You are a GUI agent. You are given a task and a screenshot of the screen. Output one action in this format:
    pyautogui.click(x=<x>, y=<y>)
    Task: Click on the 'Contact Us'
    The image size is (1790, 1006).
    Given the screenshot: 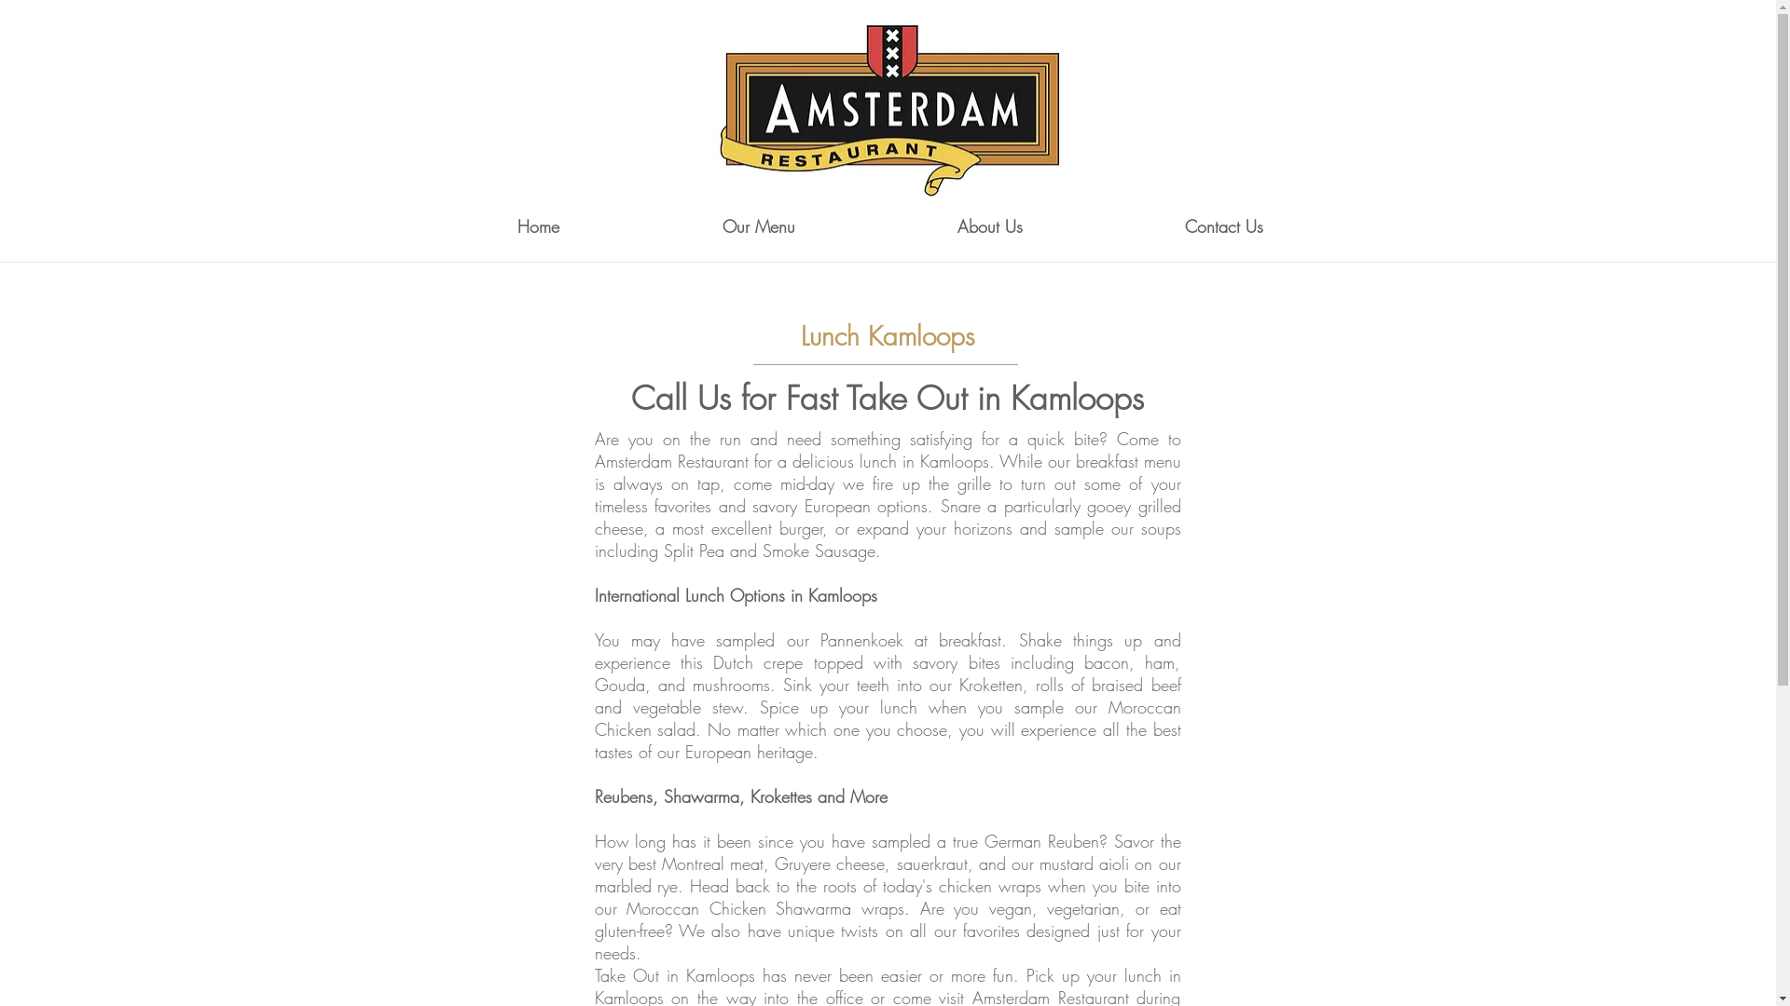 What is the action you would take?
    pyautogui.click(x=1224, y=225)
    